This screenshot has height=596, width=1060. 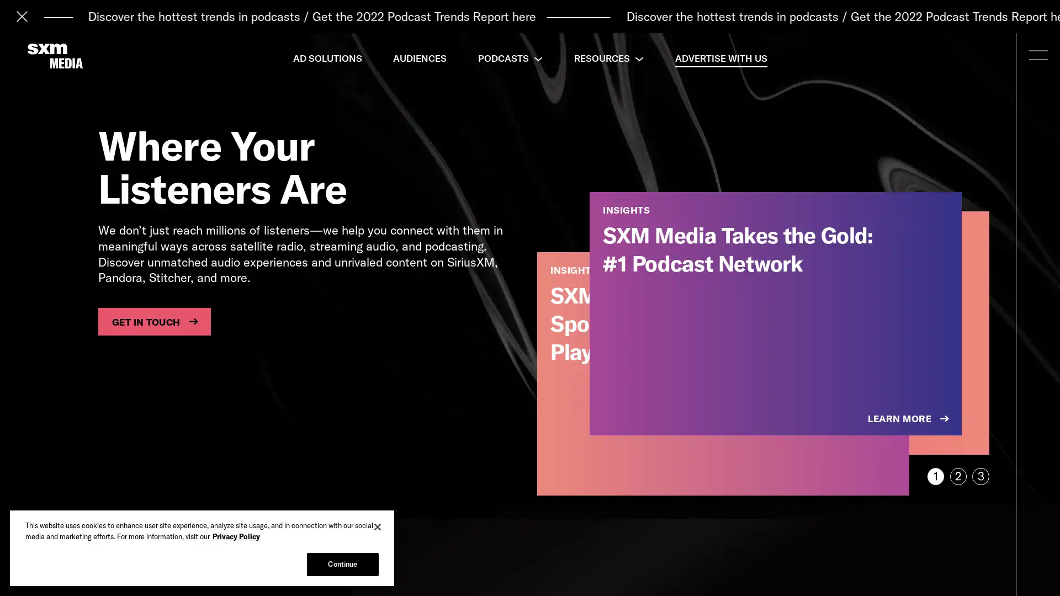 What do you see at coordinates (935, 476) in the screenshot?
I see `1` at bounding box center [935, 476].